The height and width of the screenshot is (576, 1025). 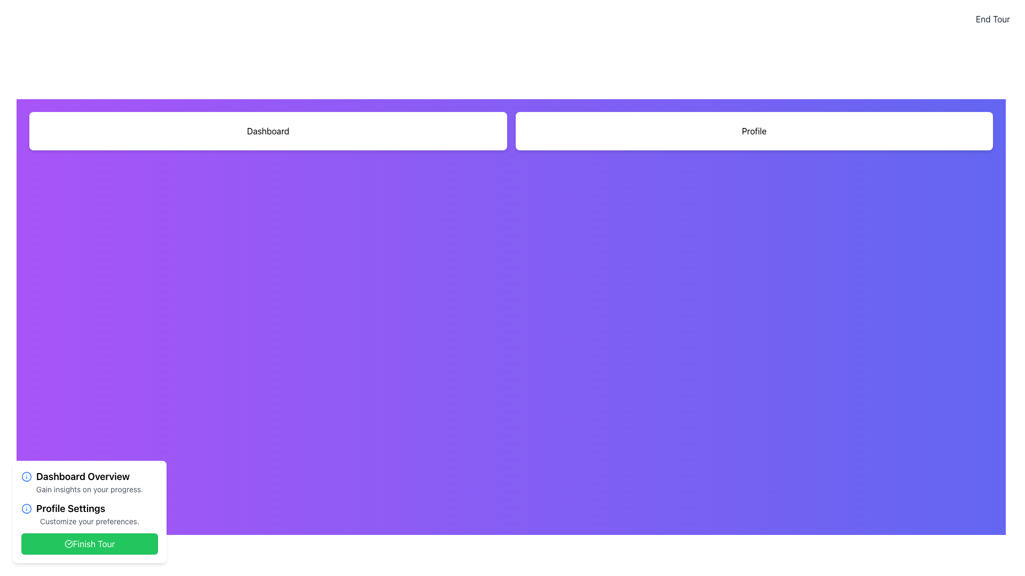 I want to click on the circular blue outlined icon with the letter 'i' that is located to the left of the 'Profile Settings' text, so click(x=26, y=508).